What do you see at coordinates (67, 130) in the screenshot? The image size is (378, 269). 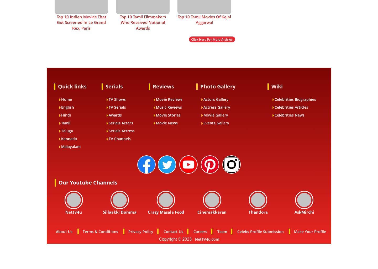 I see `'Telugu'` at bounding box center [67, 130].